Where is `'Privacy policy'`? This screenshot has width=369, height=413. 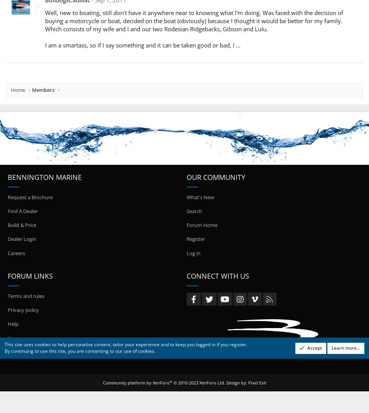 'Privacy policy' is located at coordinates (23, 310).